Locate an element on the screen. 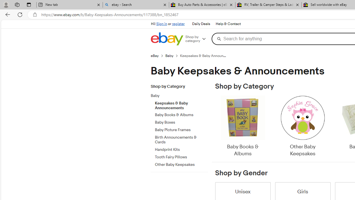 This screenshot has height=200, width=355. 'RV, Trailer & Camper Steps & Ladders for sale | eBay' is located at coordinates (268, 5).